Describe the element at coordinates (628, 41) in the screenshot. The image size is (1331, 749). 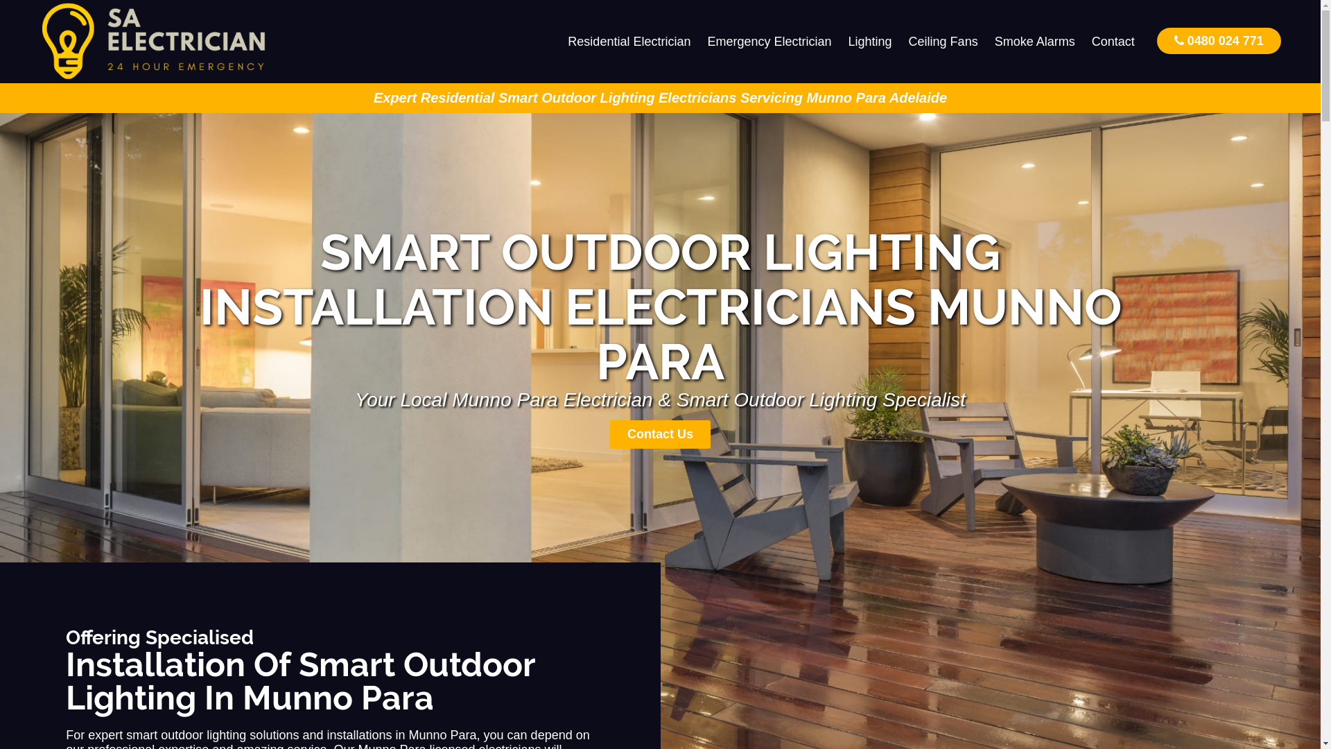
I see `'Residential Electrician'` at that location.